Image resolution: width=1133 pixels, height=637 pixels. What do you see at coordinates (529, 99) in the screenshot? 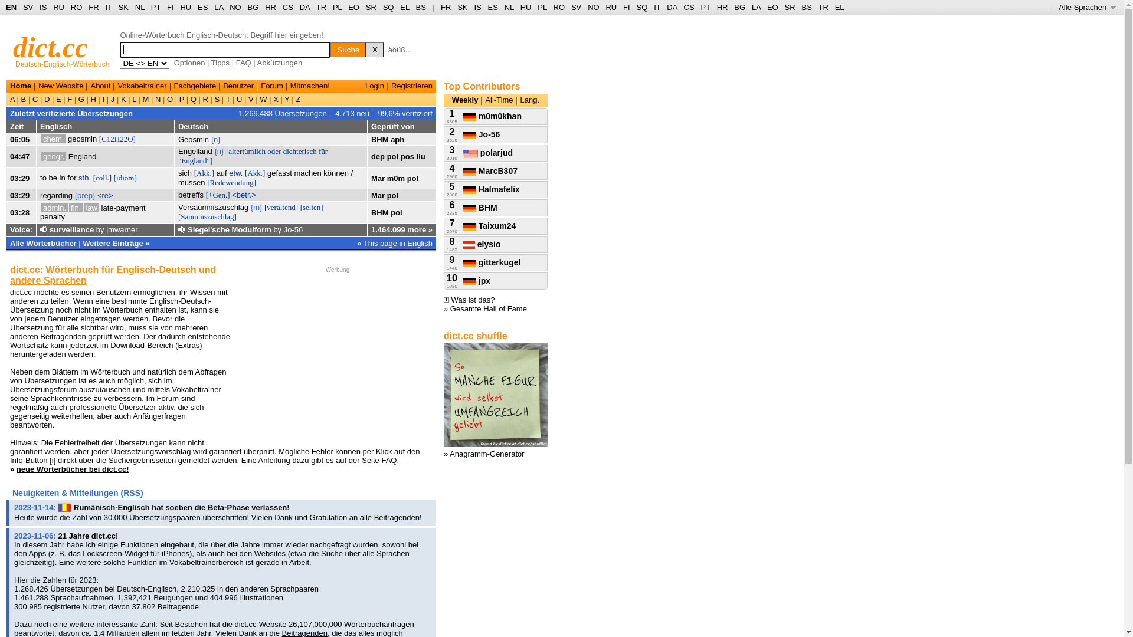
I see `'Lang.'` at bounding box center [529, 99].